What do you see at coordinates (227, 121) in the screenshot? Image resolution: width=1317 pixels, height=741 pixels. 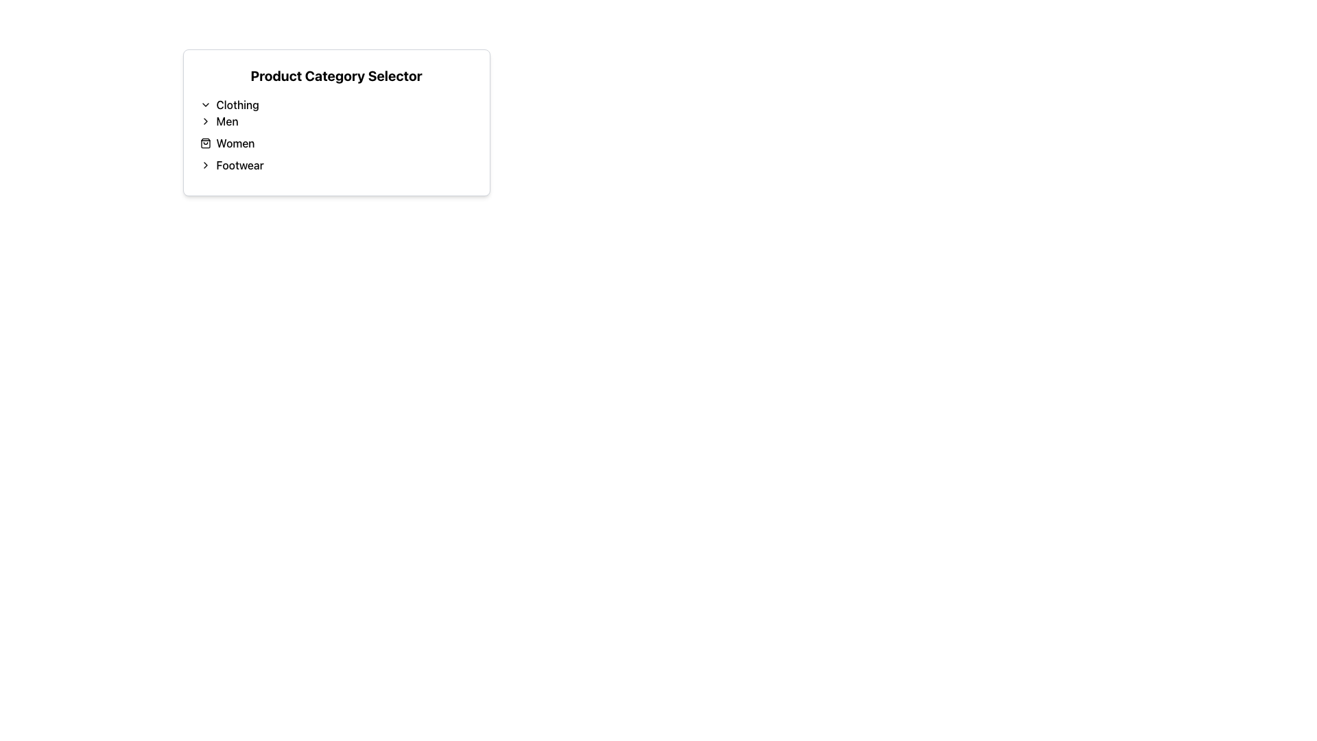 I see `the text label displaying 'Men', which is styled with a medium font weight and positioned centrally to the right of an arrow icon` at bounding box center [227, 121].